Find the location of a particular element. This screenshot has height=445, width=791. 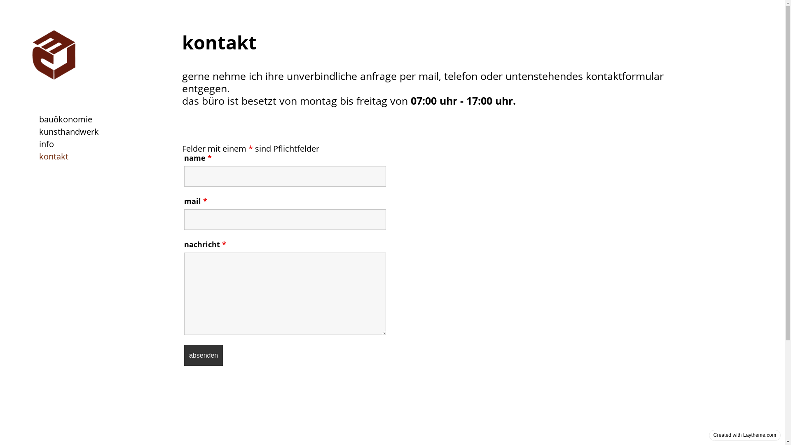

'Created with Laytheme.com' is located at coordinates (745, 435).